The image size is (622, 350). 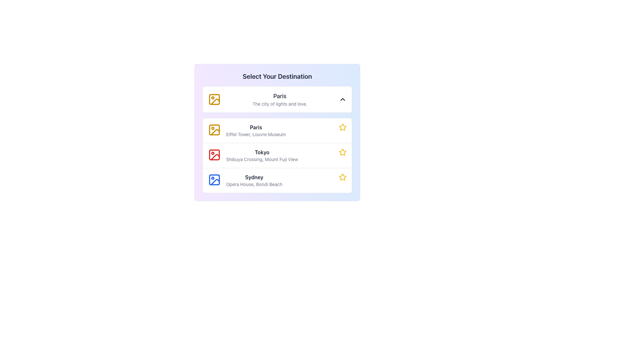 What do you see at coordinates (342, 127) in the screenshot?
I see `the second star icon in the vertical list associated with 'Tokyo'` at bounding box center [342, 127].